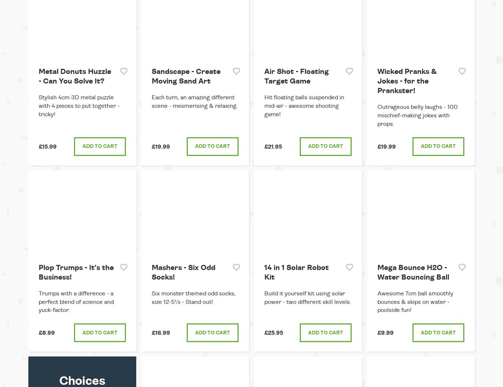 The image size is (503, 387). What do you see at coordinates (46, 333) in the screenshot?
I see `'£8.99'` at bounding box center [46, 333].